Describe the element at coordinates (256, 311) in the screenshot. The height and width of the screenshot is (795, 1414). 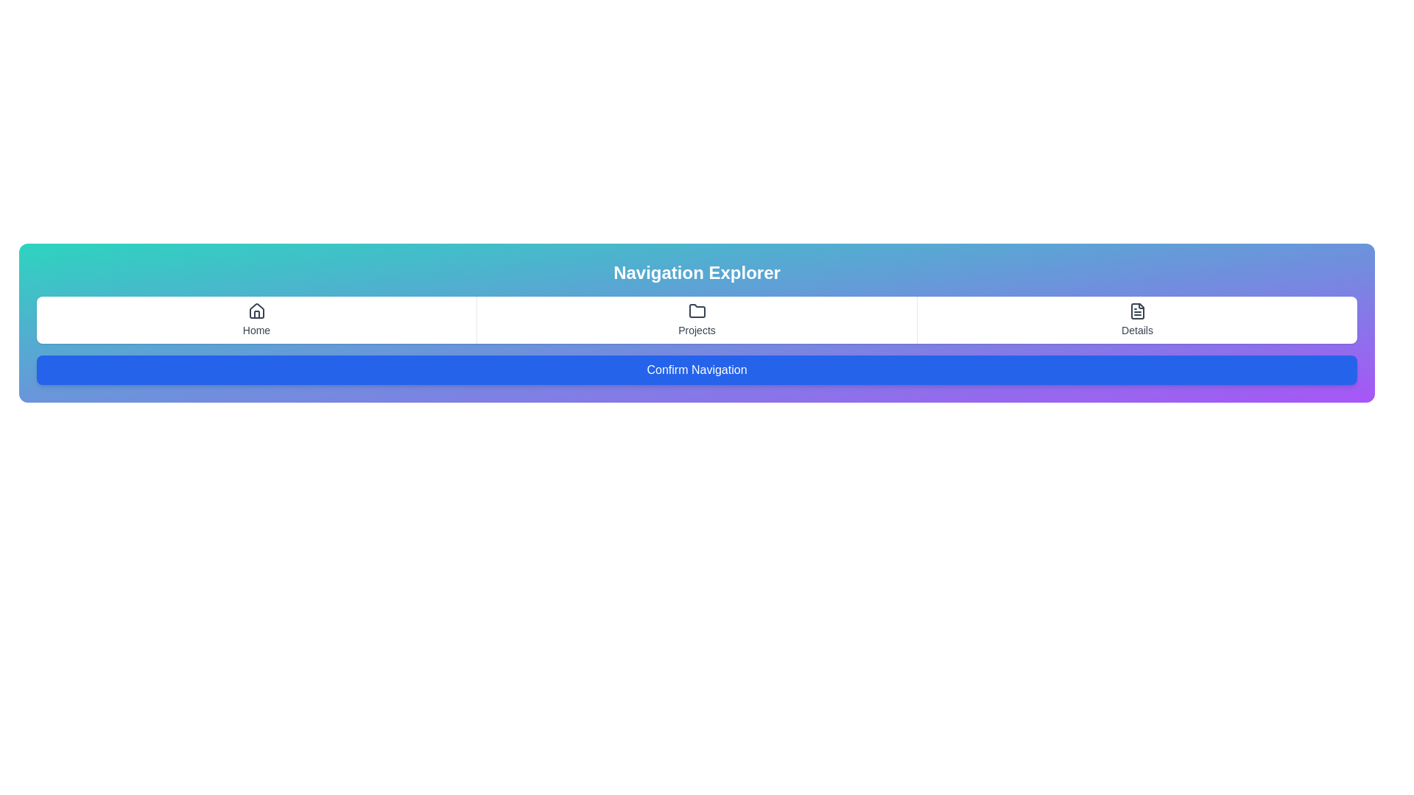
I see `the 'Home' navigation icon, which is visually represented above the text label 'Home' in the first section of the navigation bar` at that location.